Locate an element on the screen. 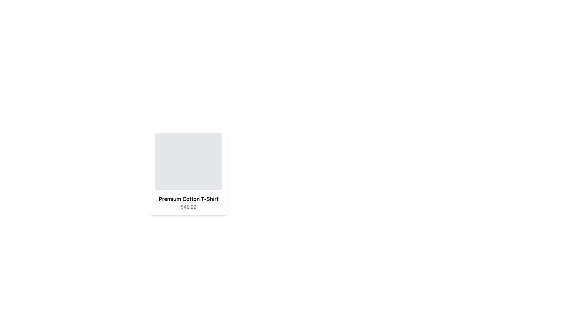 The height and width of the screenshot is (322, 574). the product title text label located underneath the image and above the price label in the card is located at coordinates (188, 199).